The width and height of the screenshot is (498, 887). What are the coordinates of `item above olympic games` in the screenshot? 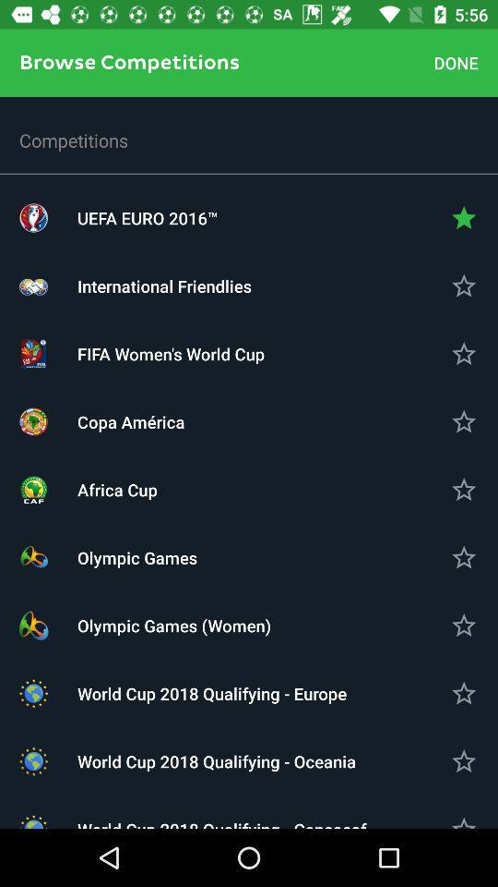 It's located at (249, 489).